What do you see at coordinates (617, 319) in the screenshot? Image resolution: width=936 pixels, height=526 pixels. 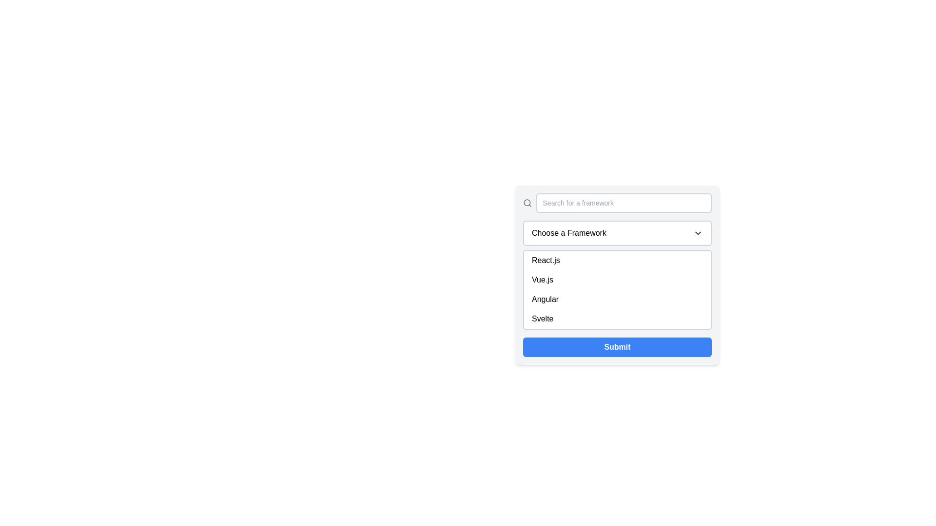 I see `the 'Svelte' option in the dropdown menu` at bounding box center [617, 319].